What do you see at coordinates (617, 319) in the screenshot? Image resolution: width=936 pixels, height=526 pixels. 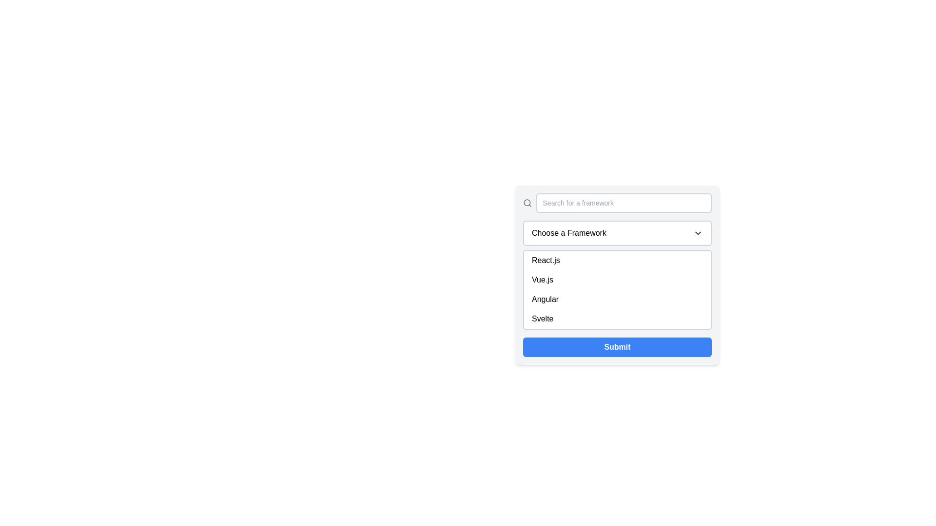 I see `the 'Svelte' option in the dropdown menu` at bounding box center [617, 319].